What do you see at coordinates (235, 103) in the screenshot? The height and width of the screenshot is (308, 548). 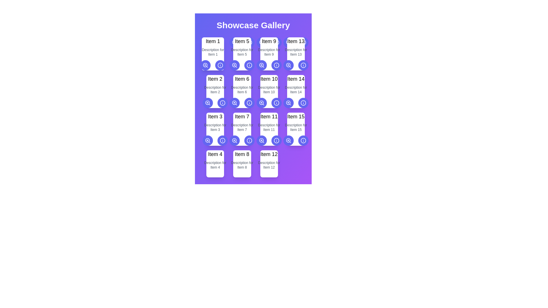 I see `the icon in the center of the indigo circular button located below the card labeled 'Item 6' in the gallery grid` at bounding box center [235, 103].